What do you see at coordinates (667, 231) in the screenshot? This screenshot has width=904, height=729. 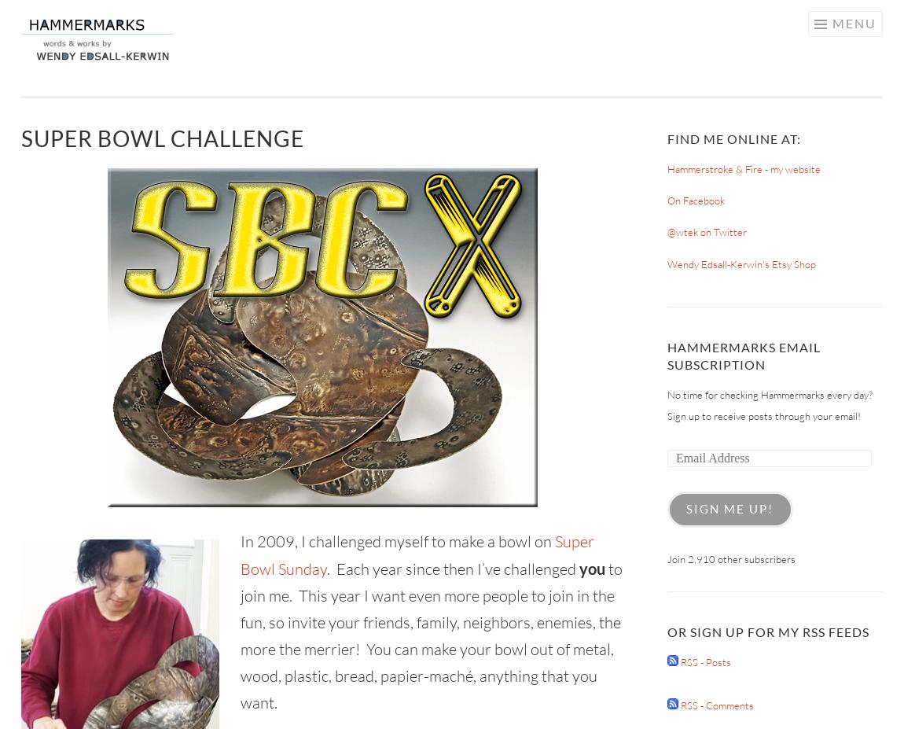 I see `'@wtek on Twitter'` at bounding box center [667, 231].